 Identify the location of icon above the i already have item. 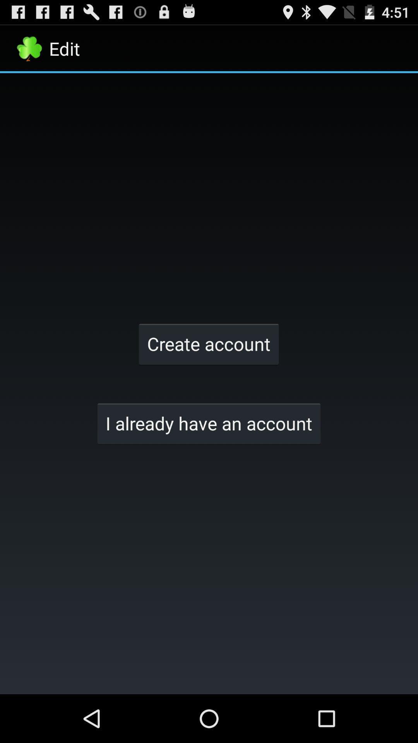
(208, 343).